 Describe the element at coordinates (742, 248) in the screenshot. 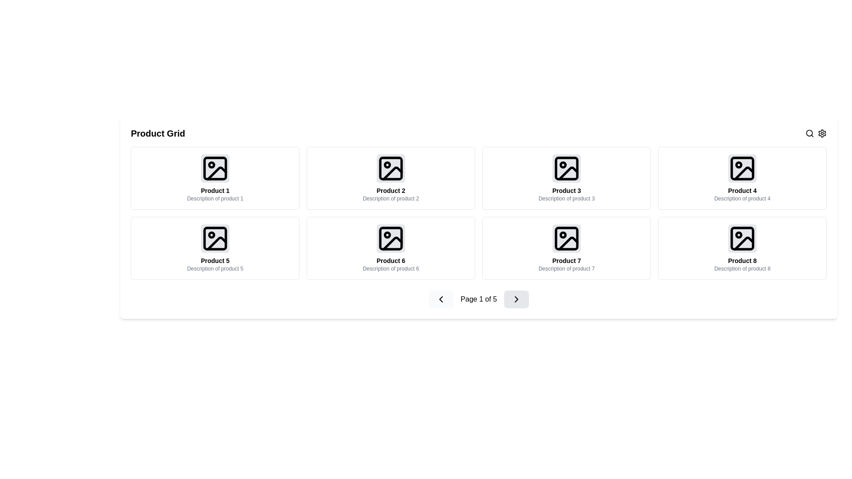

I see `the grid cell component that displays 'Product 8' with its description 'Description of product 8', located in the last column of the second row` at that location.